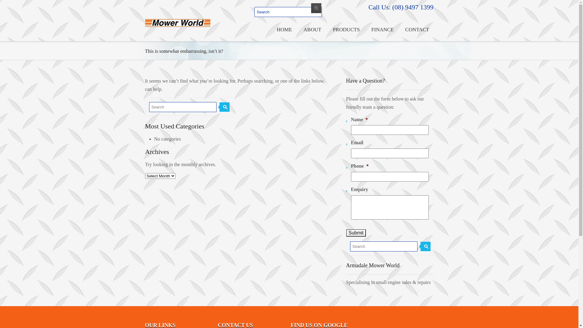 The width and height of the screenshot is (583, 328). Describe the element at coordinates (284, 29) in the screenshot. I see `'HOME'` at that location.